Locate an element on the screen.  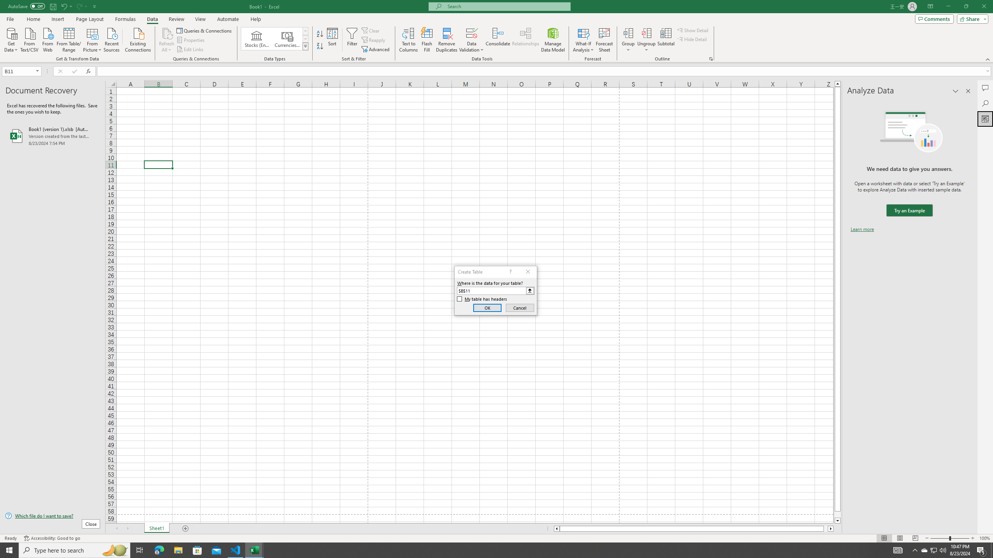
'Existing Connections' is located at coordinates (137, 39).